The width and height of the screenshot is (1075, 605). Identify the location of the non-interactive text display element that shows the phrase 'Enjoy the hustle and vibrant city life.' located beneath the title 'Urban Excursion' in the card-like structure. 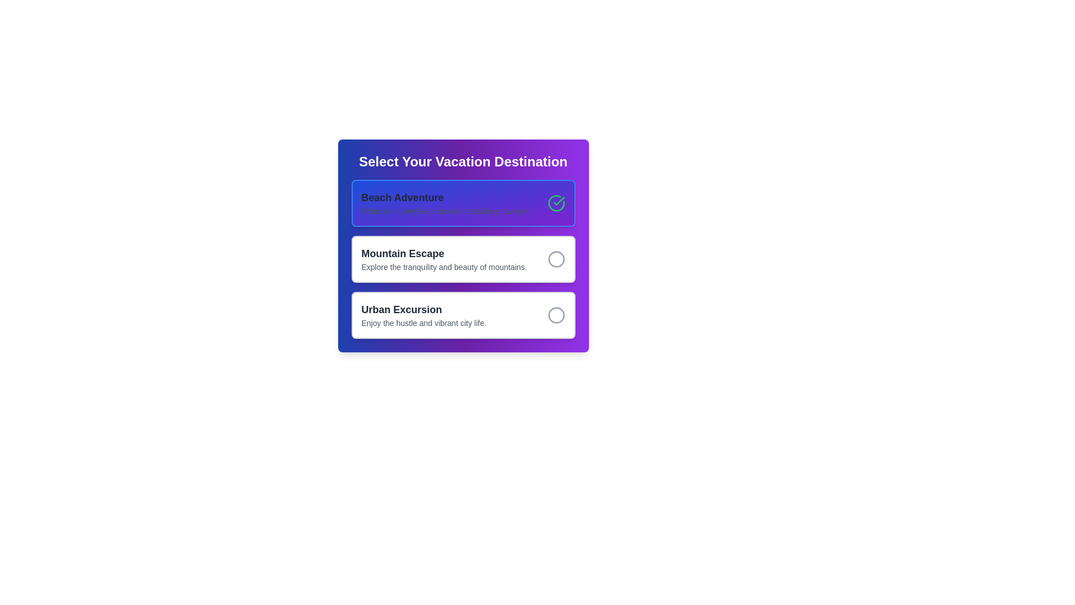
(423, 323).